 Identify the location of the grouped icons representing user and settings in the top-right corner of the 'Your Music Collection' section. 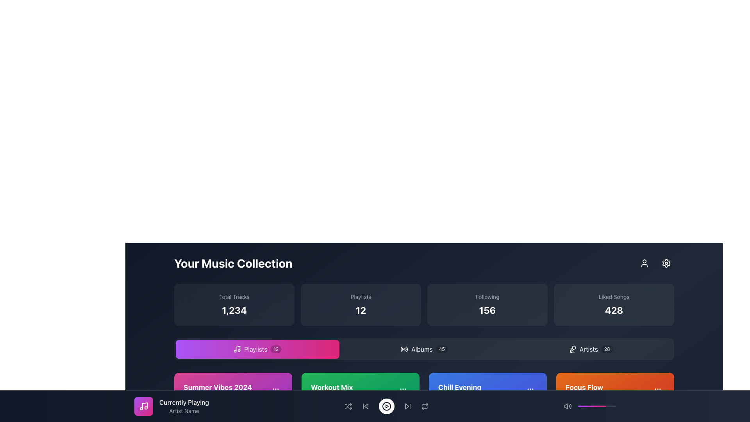
(655, 263).